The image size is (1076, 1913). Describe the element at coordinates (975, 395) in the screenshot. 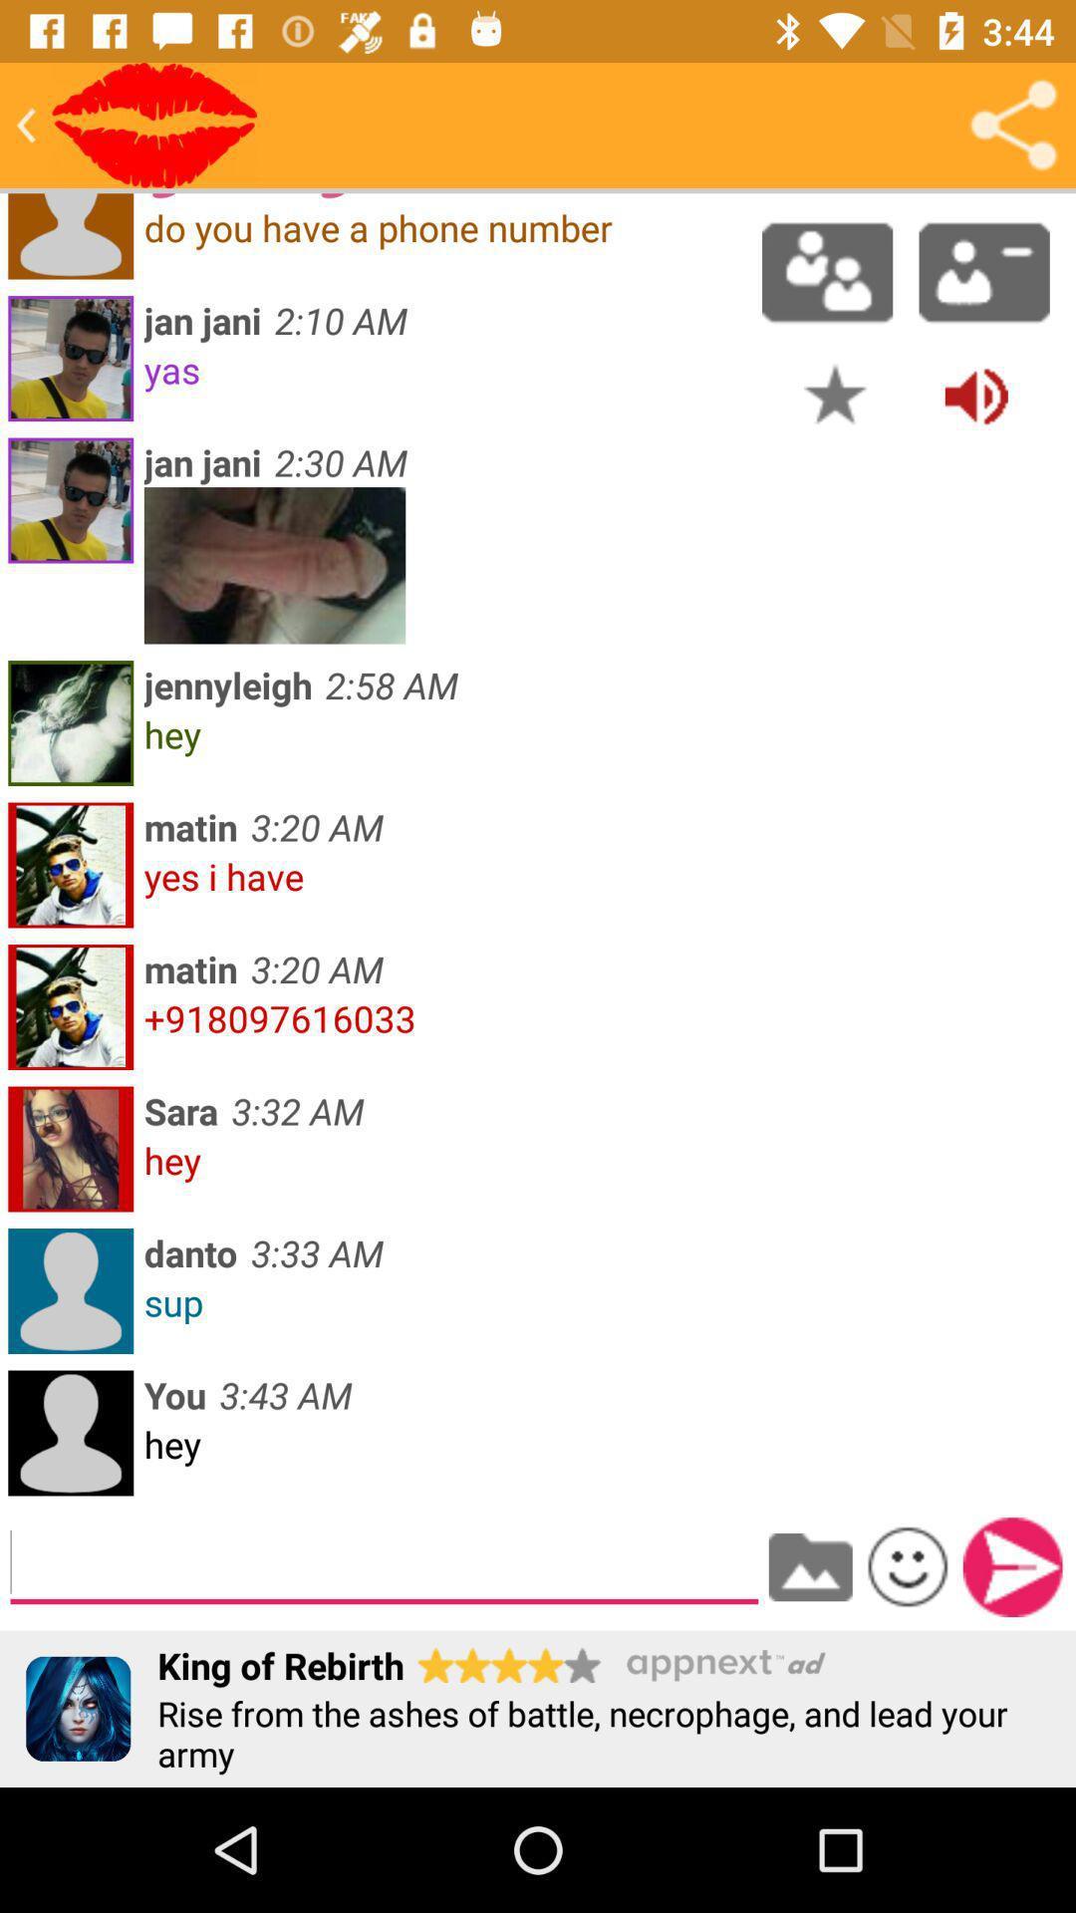

I see `turn volume up` at that location.